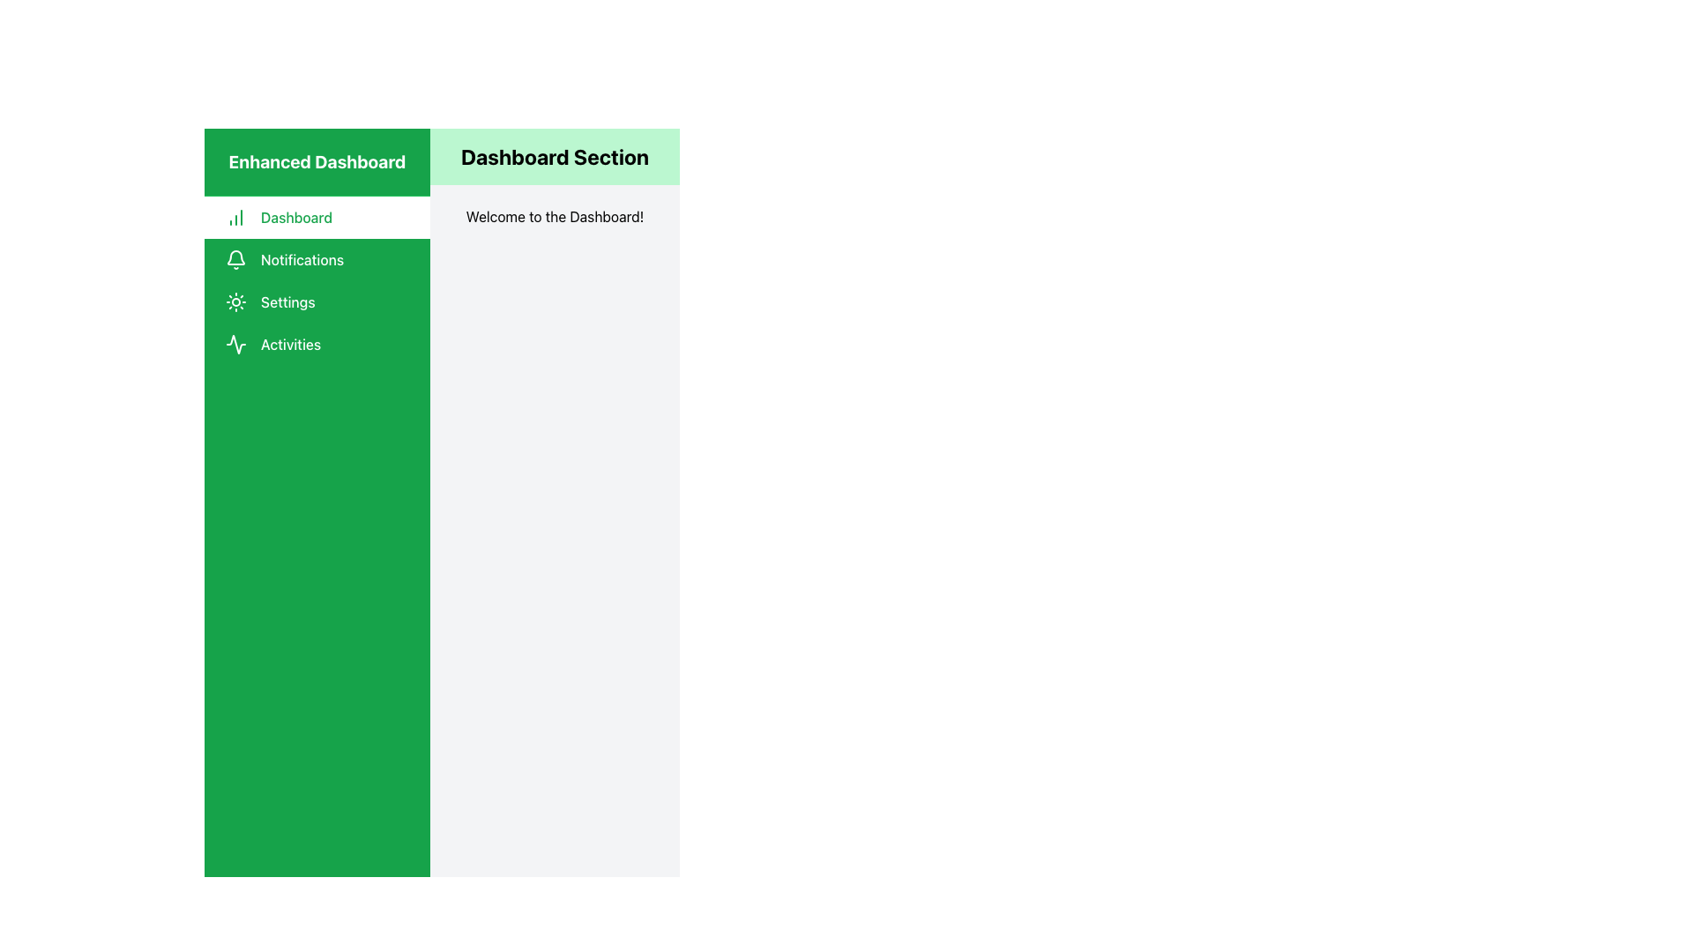 This screenshot has width=1693, height=952. Describe the element at coordinates (235, 344) in the screenshot. I see `the 'Activities' icon in the vertical navigation bar` at that location.